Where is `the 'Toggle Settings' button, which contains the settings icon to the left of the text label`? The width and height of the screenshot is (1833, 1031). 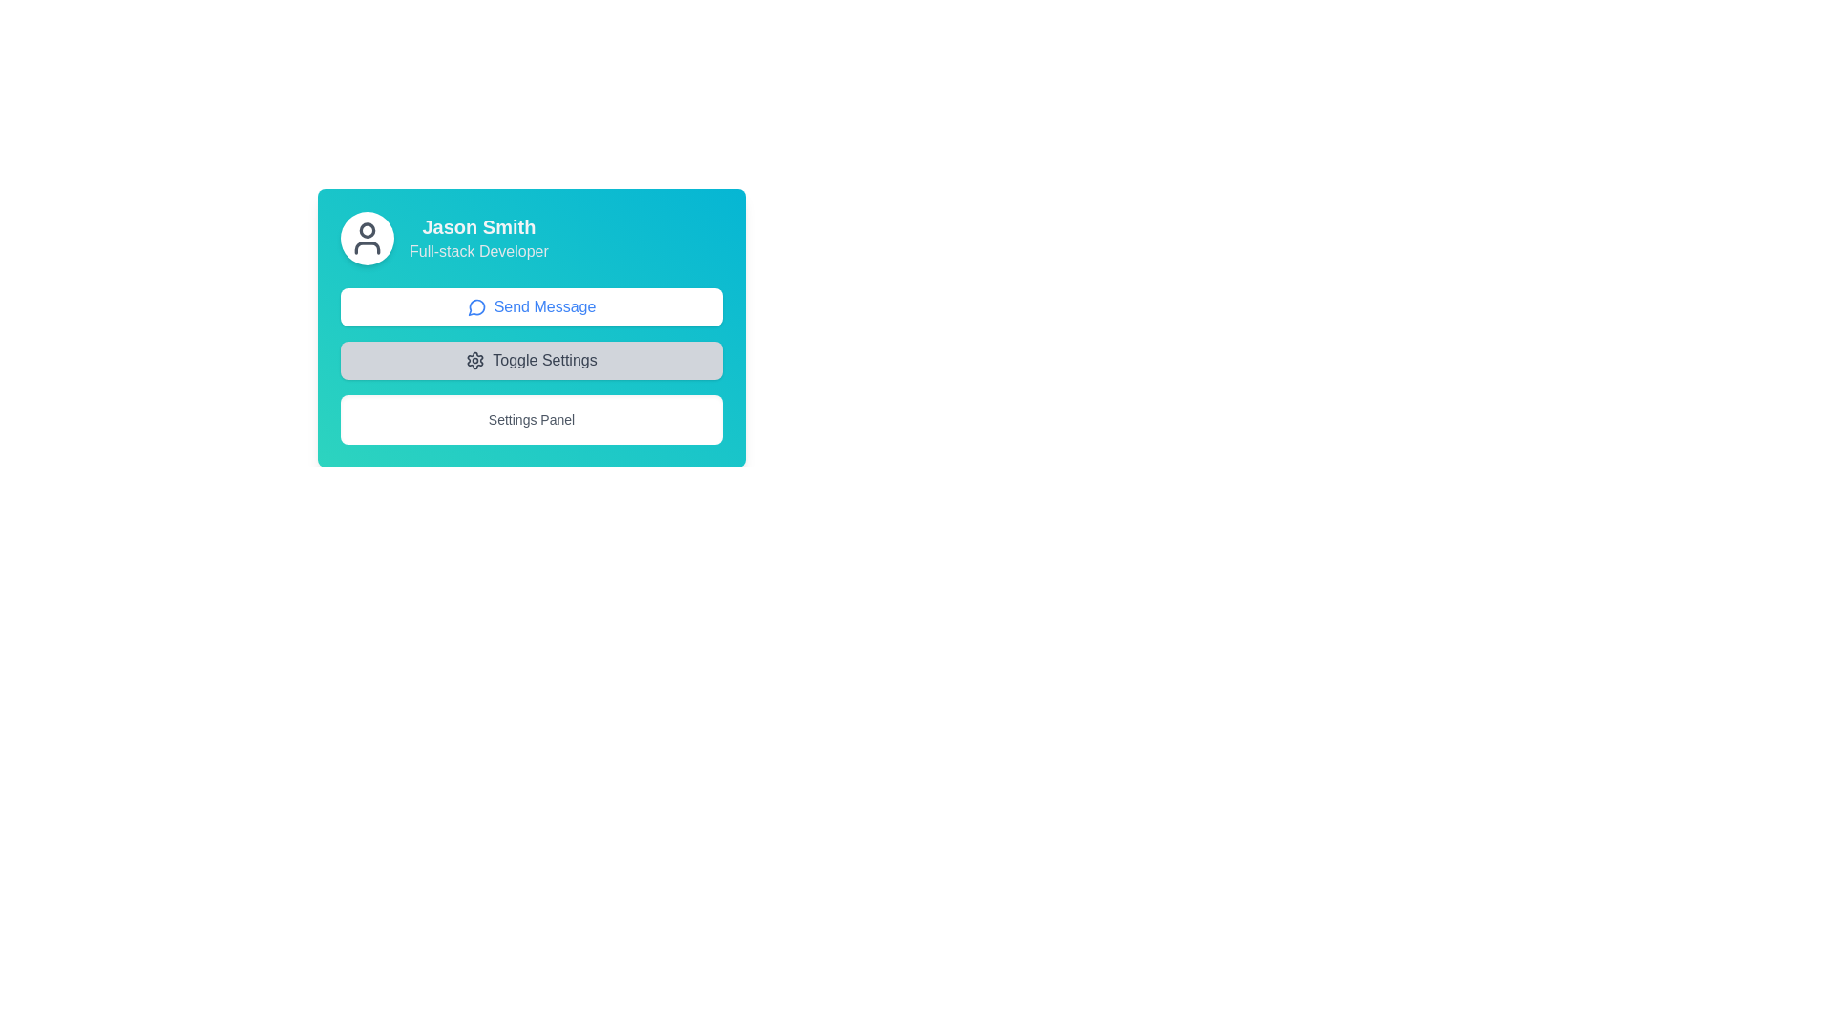 the 'Toggle Settings' button, which contains the settings icon to the left of the text label is located at coordinates (475, 361).